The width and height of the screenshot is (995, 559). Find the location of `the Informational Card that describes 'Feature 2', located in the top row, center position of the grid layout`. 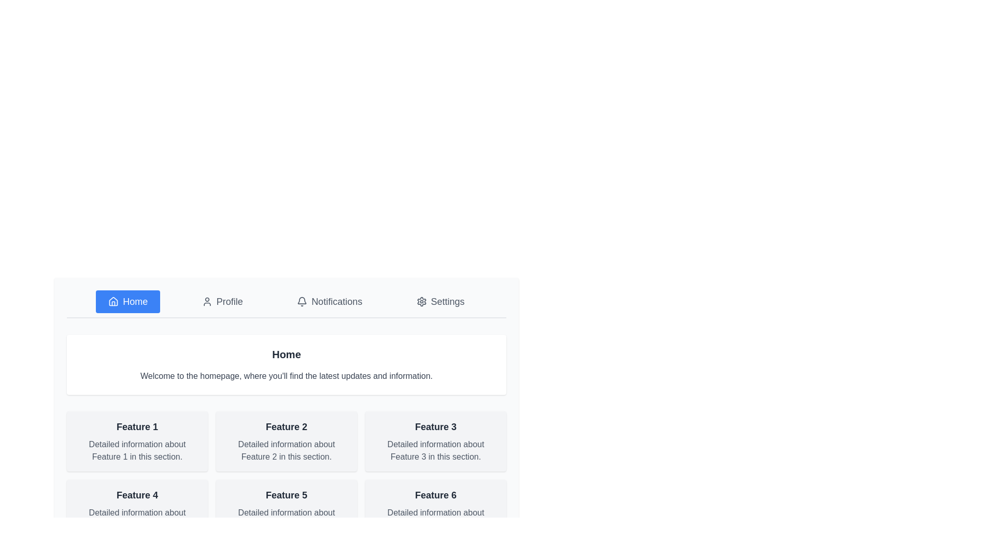

the Informational Card that describes 'Feature 2', located in the top row, center position of the grid layout is located at coordinates (286, 415).